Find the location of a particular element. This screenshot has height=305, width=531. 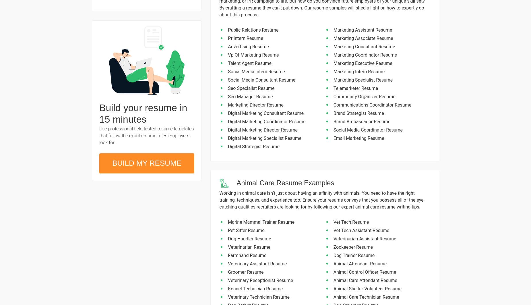

'Digital Marketing Coordinator Resume' is located at coordinates (266, 121).